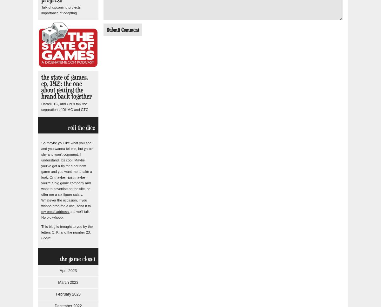  I want to click on 'Talk of upcoming projects; importance of adapting', so click(61, 10).